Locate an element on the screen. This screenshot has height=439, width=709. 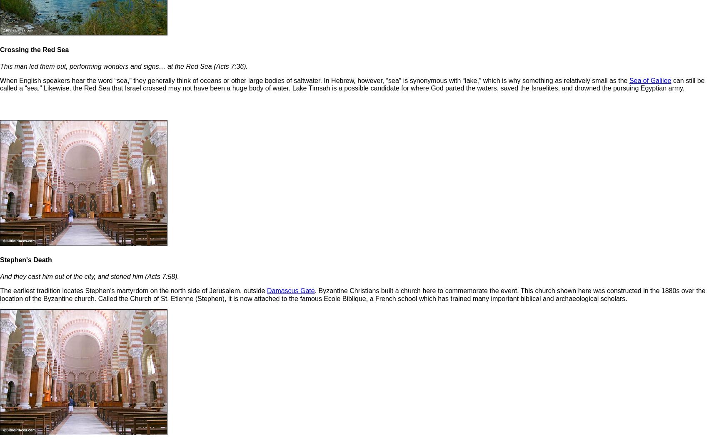
'And they cast him out of the city, and stoned him (Acts 7:58).' is located at coordinates (0, 276).